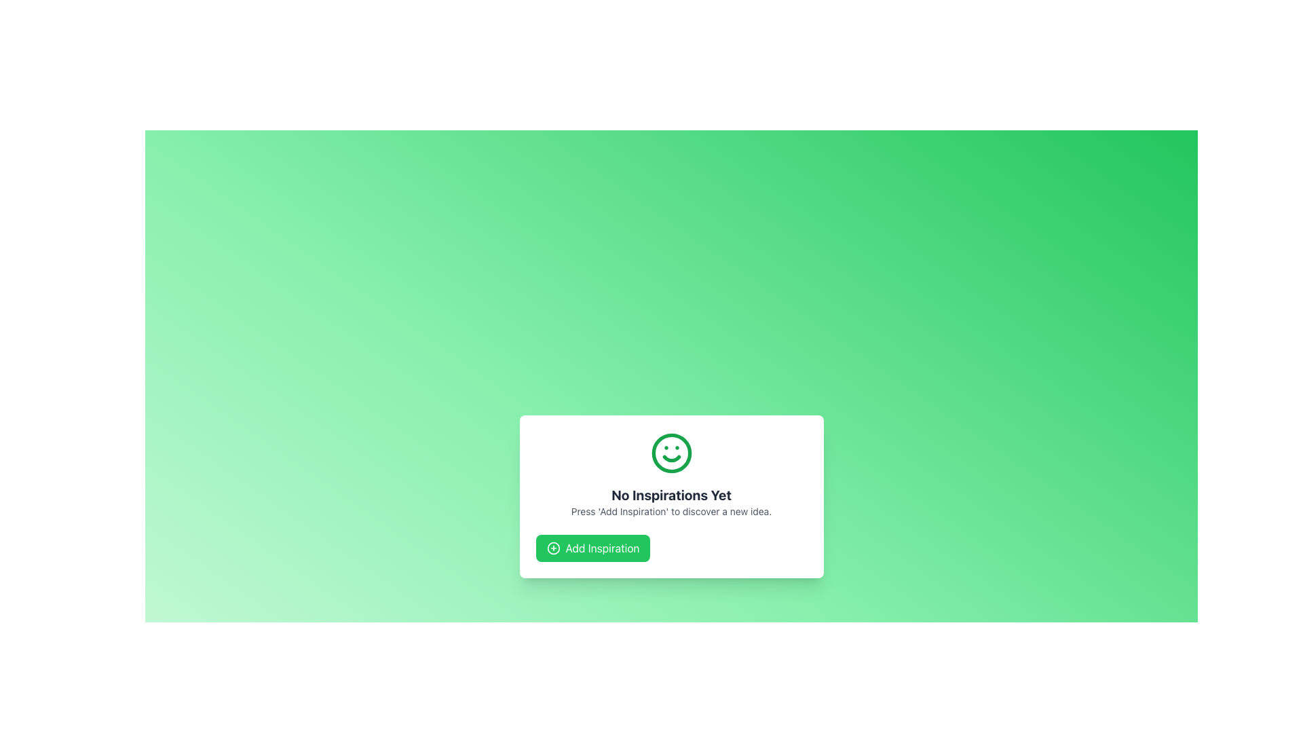 The height and width of the screenshot is (733, 1303). What do you see at coordinates (602, 547) in the screenshot?
I see `the 'Add Inspiration' text label, which is displayed in white font on a green rounded button at the bottom of a white card` at bounding box center [602, 547].